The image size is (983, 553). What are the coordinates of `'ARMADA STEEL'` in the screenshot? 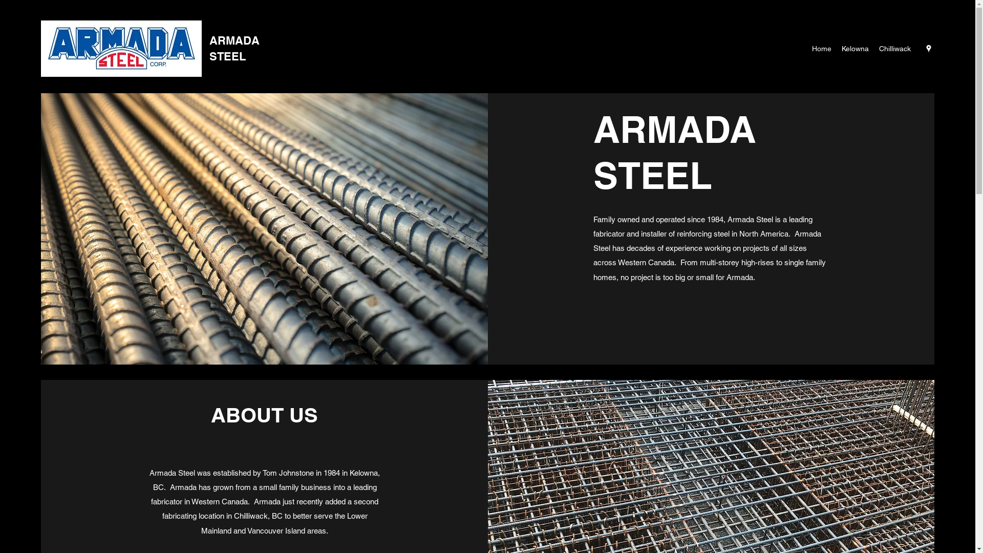 It's located at (233, 48).